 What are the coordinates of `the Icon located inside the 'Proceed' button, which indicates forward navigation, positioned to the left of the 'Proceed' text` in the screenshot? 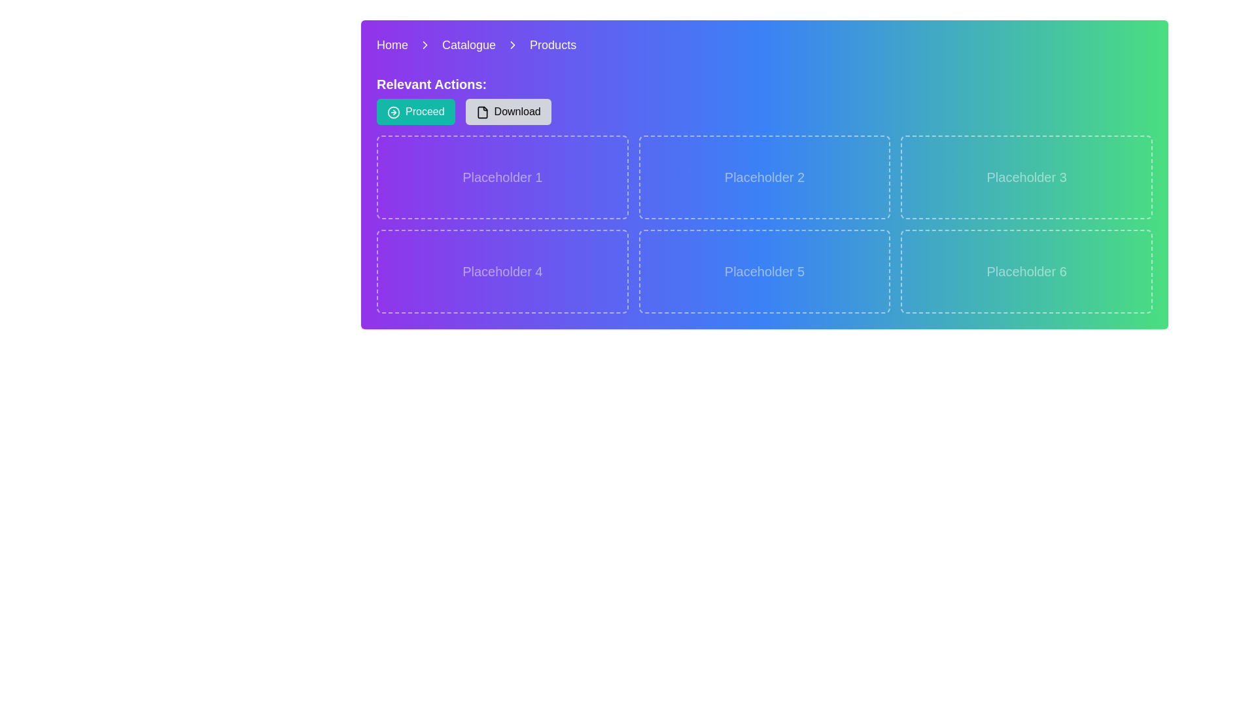 It's located at (392, 111).